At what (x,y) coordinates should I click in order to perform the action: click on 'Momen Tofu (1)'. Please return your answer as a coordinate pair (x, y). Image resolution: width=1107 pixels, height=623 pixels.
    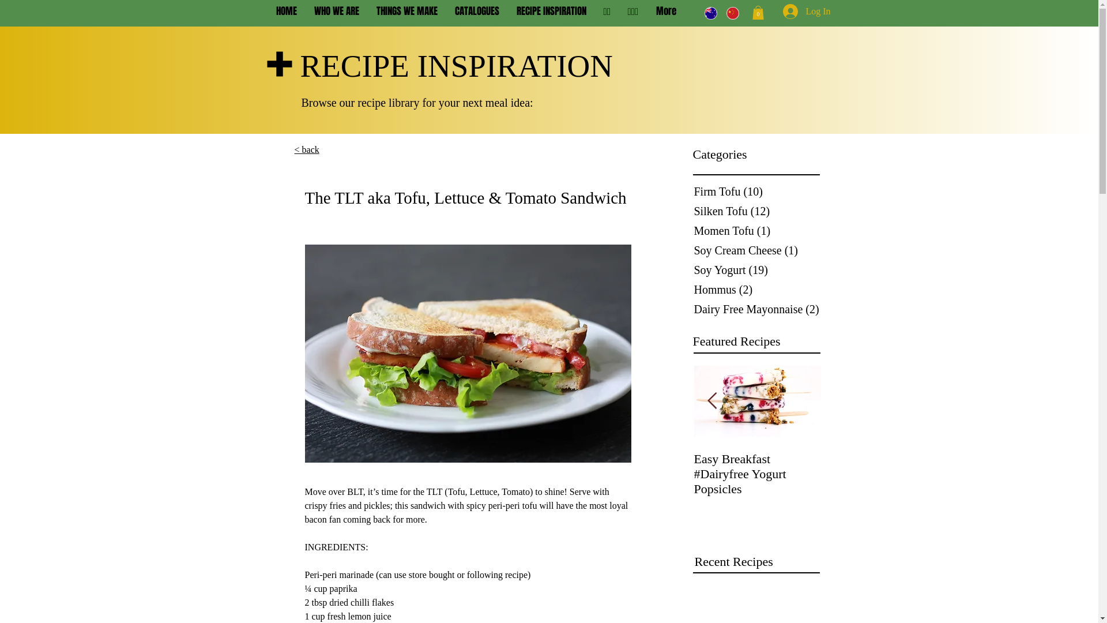
    Looking at the image, I should click on (758, 231).